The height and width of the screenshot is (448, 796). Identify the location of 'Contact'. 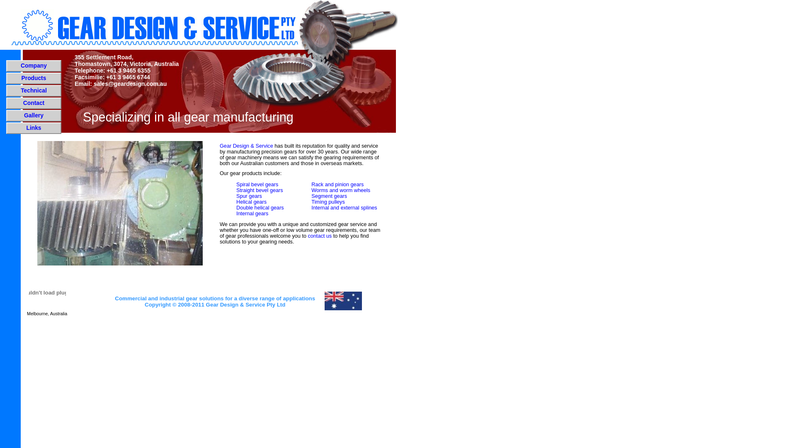
(33, 102).